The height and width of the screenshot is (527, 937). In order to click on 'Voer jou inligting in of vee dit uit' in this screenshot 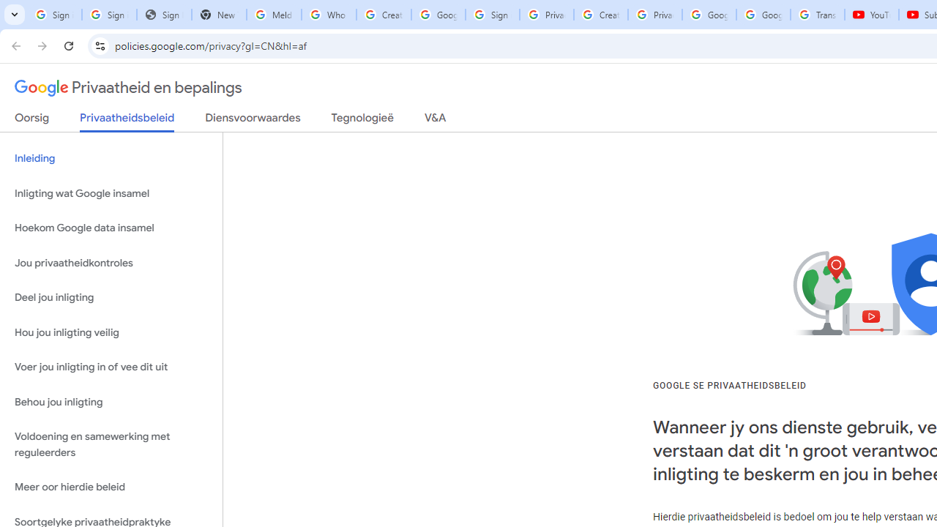, I will do `click(111, 367)`.